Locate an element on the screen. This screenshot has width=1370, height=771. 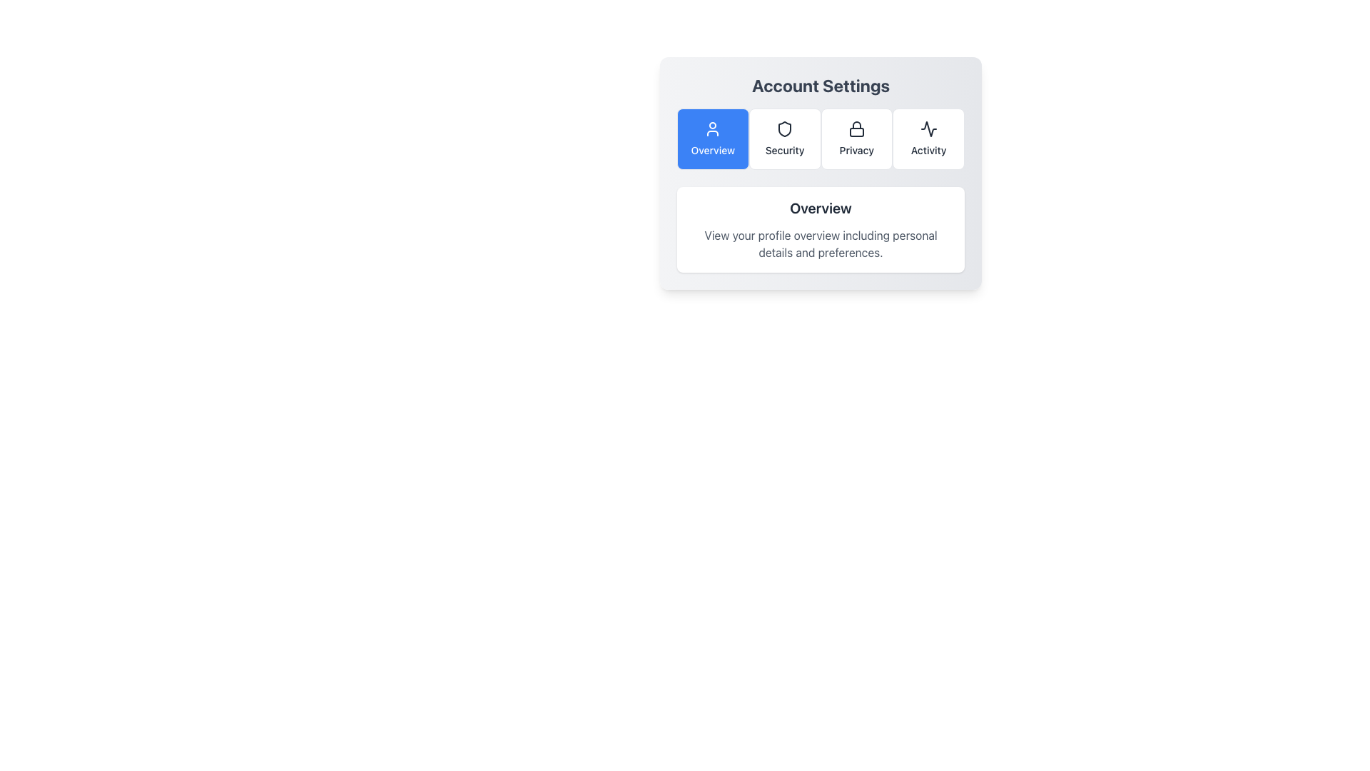
the user profile icon within the 'Overview' button in the 'Account Settings' section is located at coordinates (713, 129).